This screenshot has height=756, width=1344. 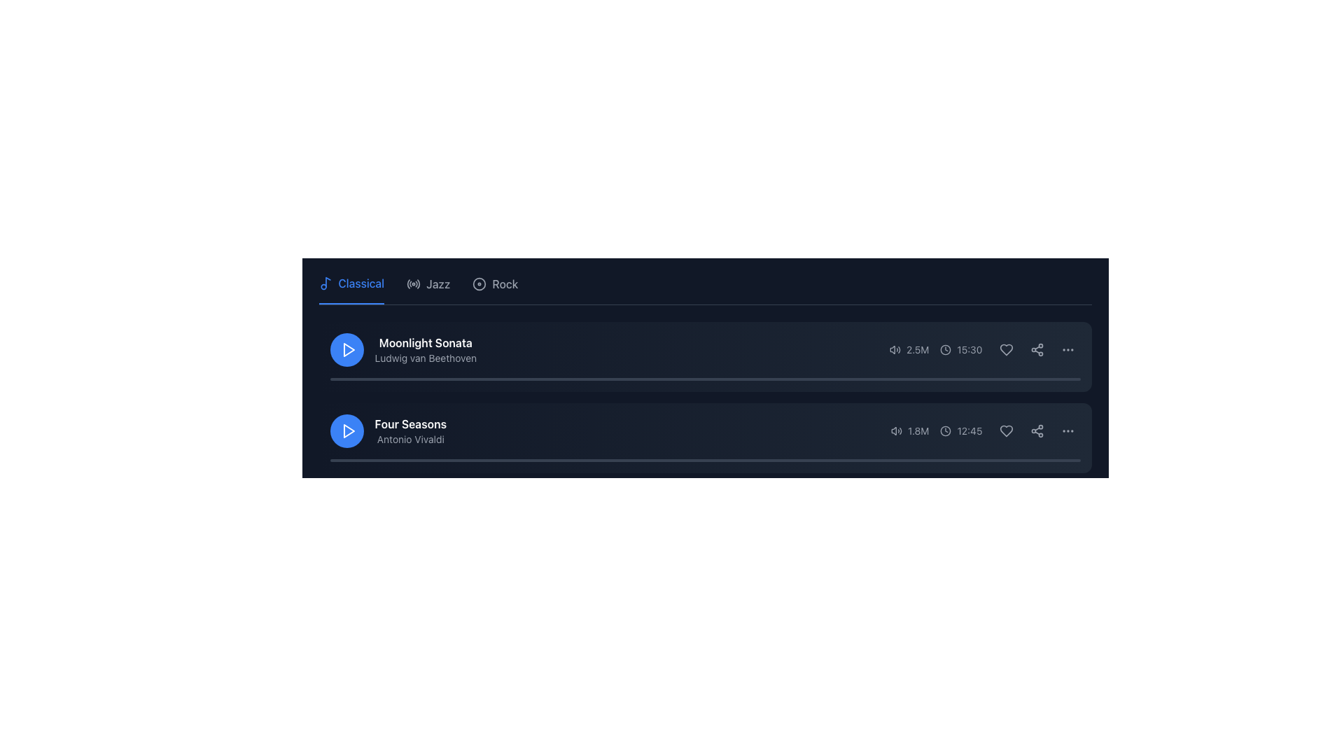 I want to click on the second ellipsis icon in the list, so click(x=1067, y=430).